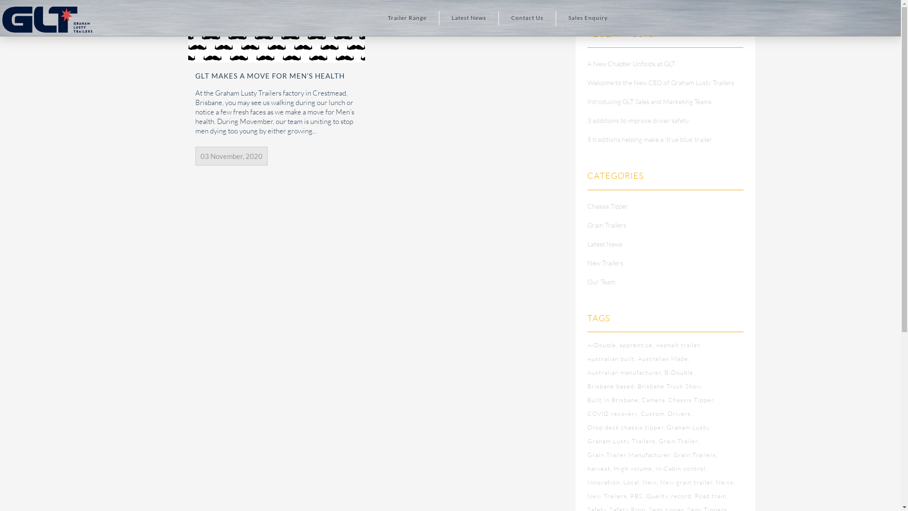 Image resolution: width=908 pixels, height=511 pixels. Describe the element at coordinates (587, 359) in the screenshot. I see `'Australian built'` at that location.